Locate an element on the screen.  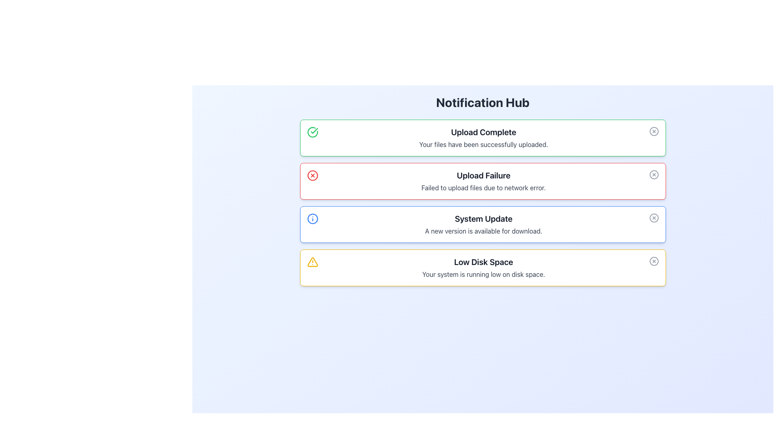
the small circular gray button with an 'X' mark at the top-right corner of the 'Upload Complete' notification card is located at coordinates (654, 131).